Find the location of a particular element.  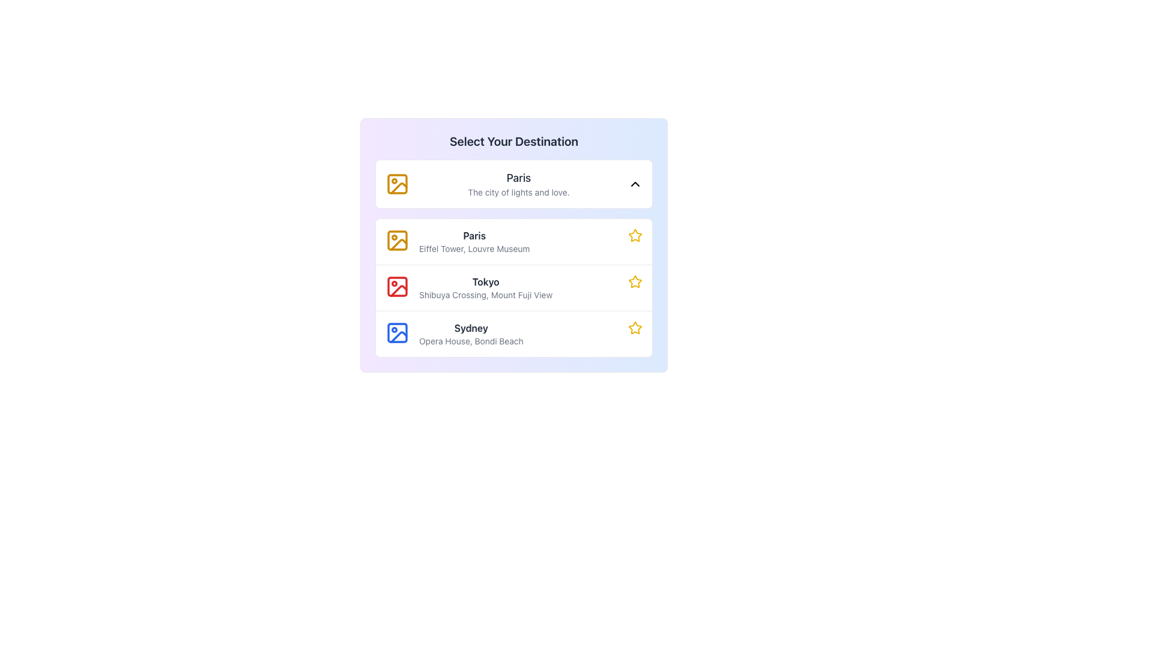

the image icon that represents the destination 'Paris' in the list under the header 'Select Your Destination.' is located at coordinates (398, 184).